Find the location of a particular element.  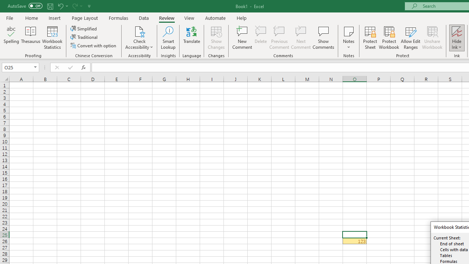

'Show Comments' is located at coordinates (323, 38).